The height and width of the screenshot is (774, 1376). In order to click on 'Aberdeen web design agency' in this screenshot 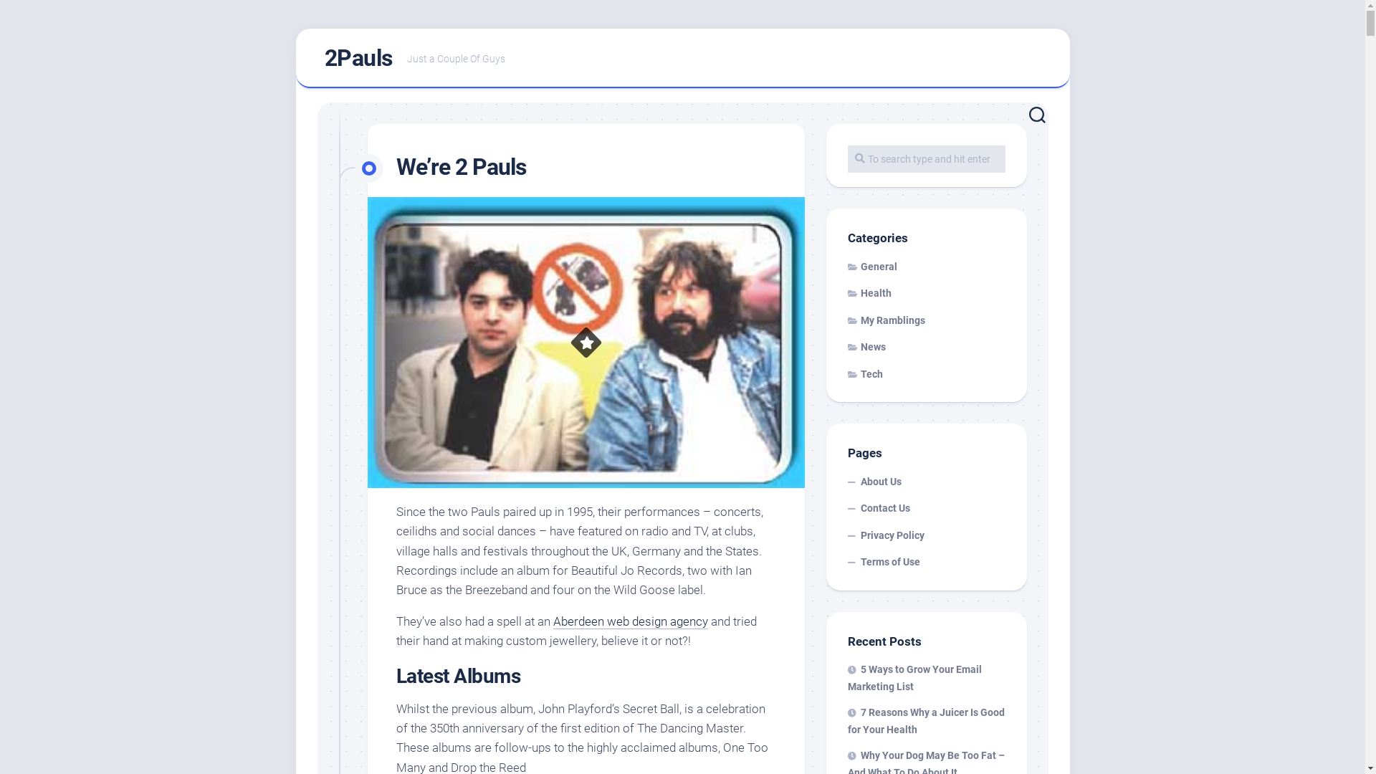, I will do `click(630, 621)`.